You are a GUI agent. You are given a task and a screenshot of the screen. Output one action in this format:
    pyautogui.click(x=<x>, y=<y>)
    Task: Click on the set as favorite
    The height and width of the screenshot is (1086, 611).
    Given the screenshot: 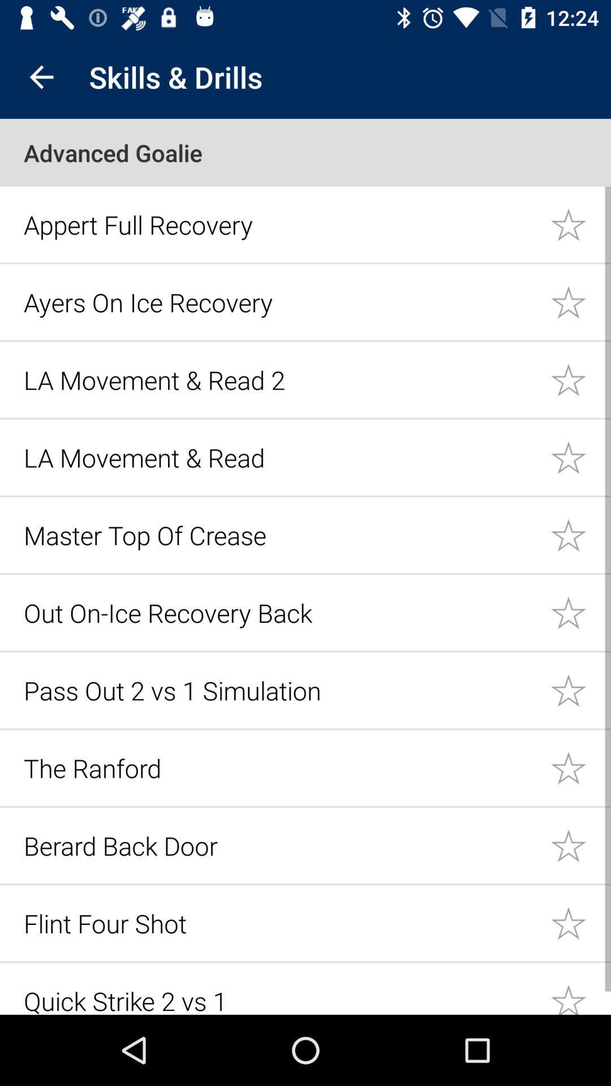 What is the action you would take?
    pyautogui.click(x=580, y=923)
    